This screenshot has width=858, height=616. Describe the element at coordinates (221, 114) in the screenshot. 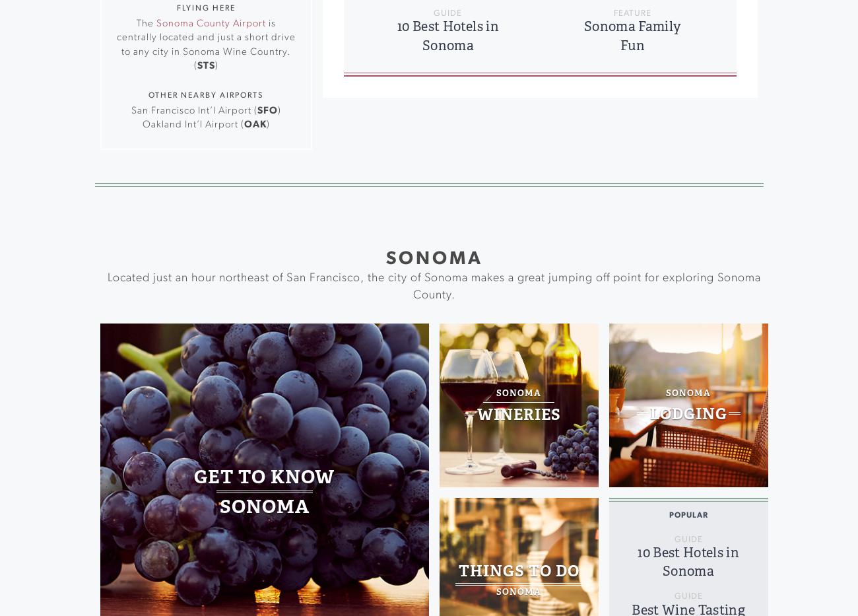

I see `'Farmer’s Markets'` at that location.